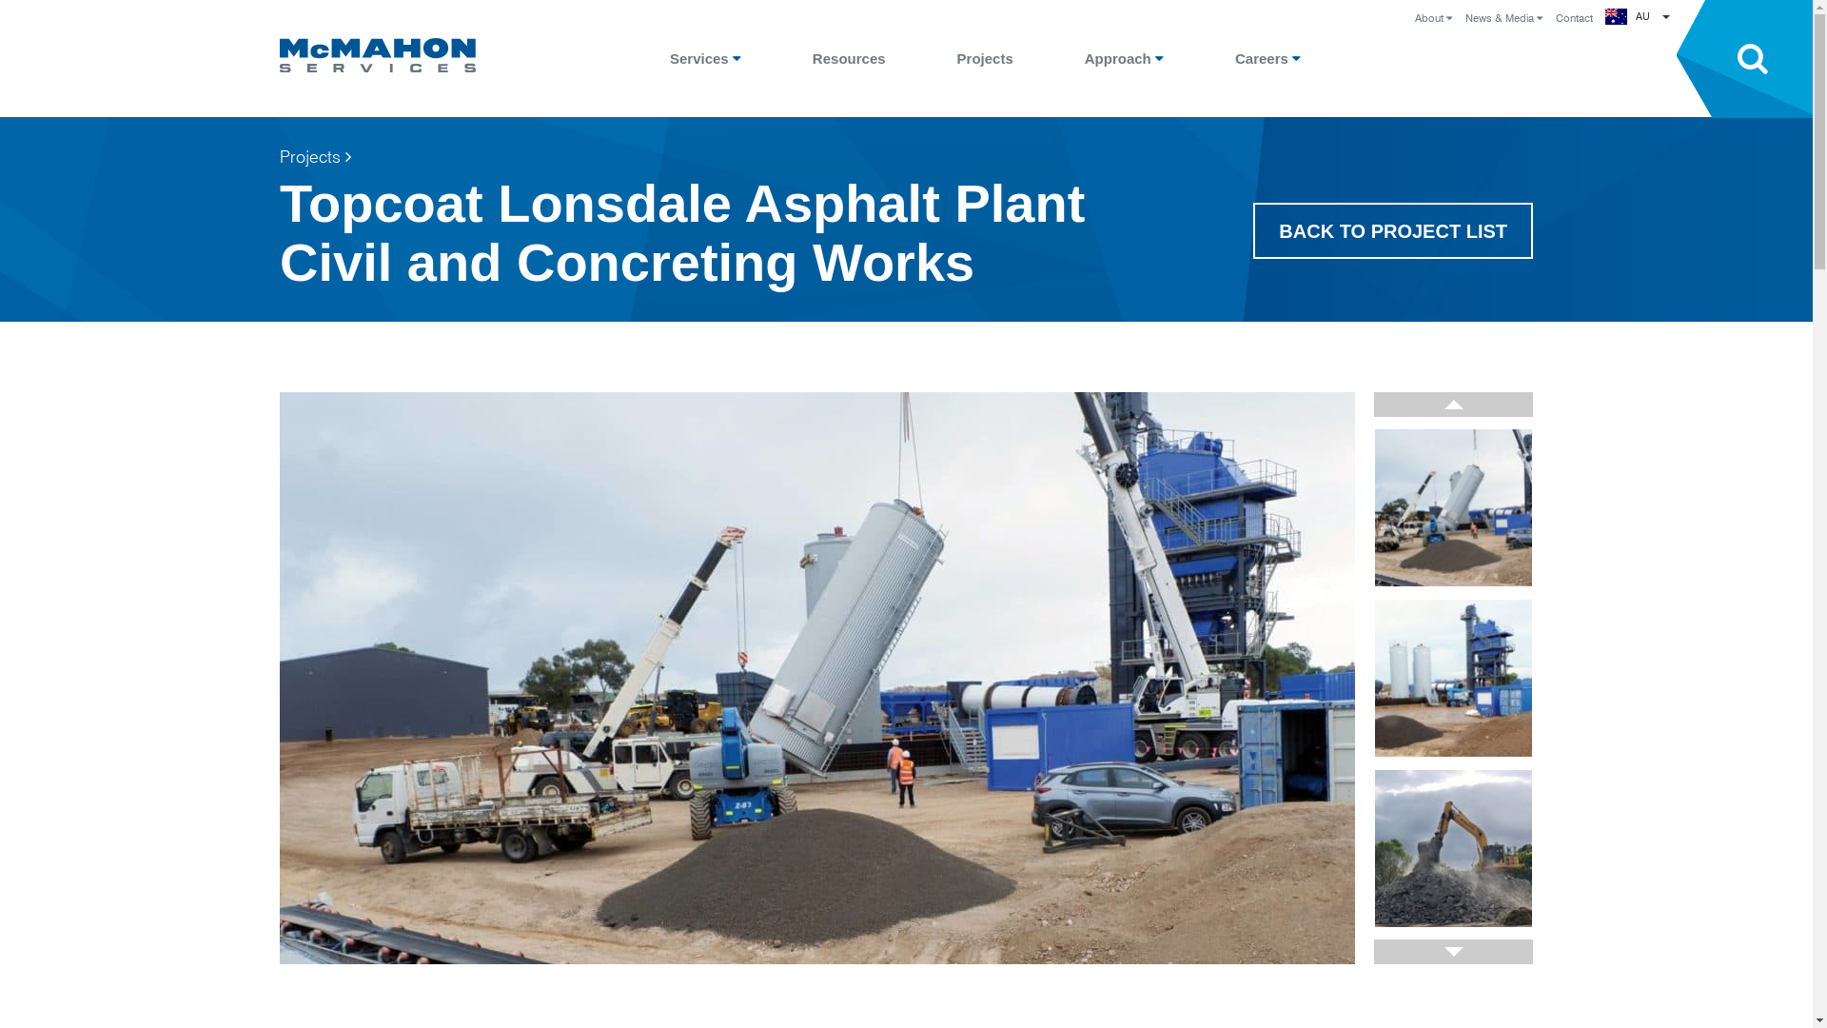  I want to click on 'Contact', so click(1574, 19).